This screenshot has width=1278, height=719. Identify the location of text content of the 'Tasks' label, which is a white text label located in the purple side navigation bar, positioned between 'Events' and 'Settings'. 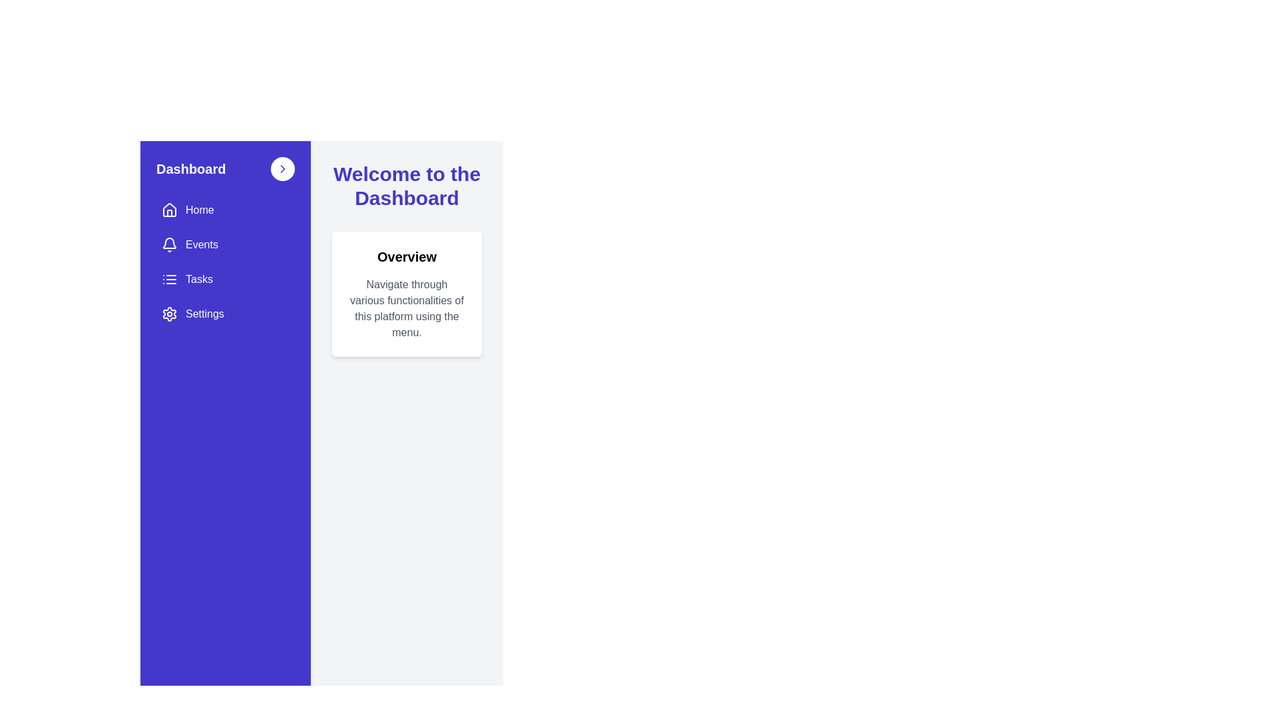
(198, 279).